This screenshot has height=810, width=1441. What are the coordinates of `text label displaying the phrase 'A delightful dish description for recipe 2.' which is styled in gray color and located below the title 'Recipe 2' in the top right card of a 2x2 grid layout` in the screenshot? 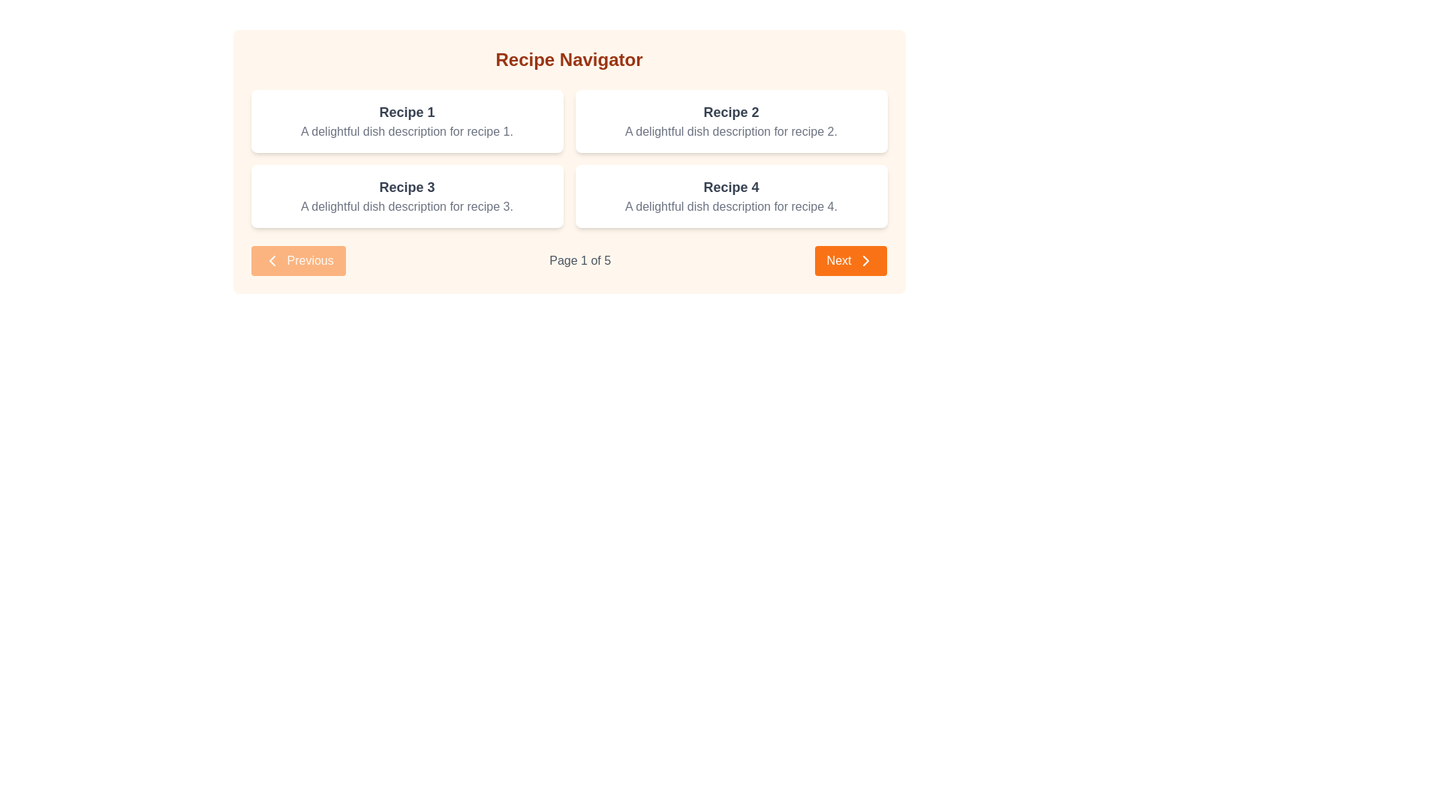 It's located at (731, 131).